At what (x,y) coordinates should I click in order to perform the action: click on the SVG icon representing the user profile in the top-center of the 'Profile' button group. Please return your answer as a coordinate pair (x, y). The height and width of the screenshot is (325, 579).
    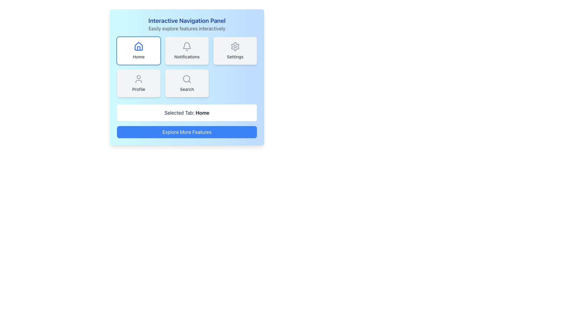
    Looking at the image, I should click on (138, 79).